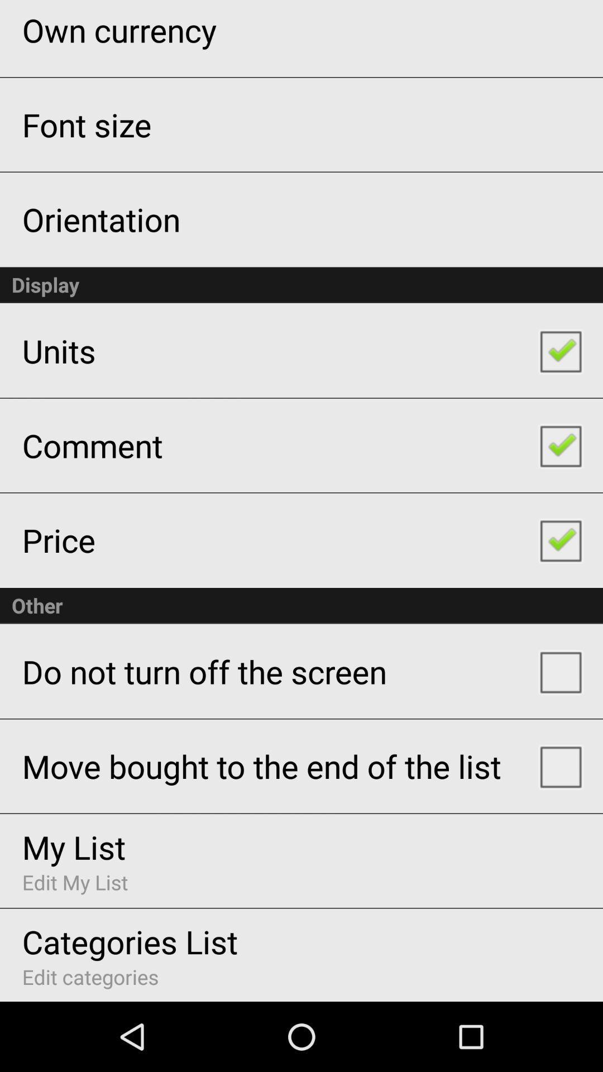 The height and width of the screenshot is (1072, 603). Describe the element at coordinates (301, 285) in the screenshot. I see `the display app` at that location.